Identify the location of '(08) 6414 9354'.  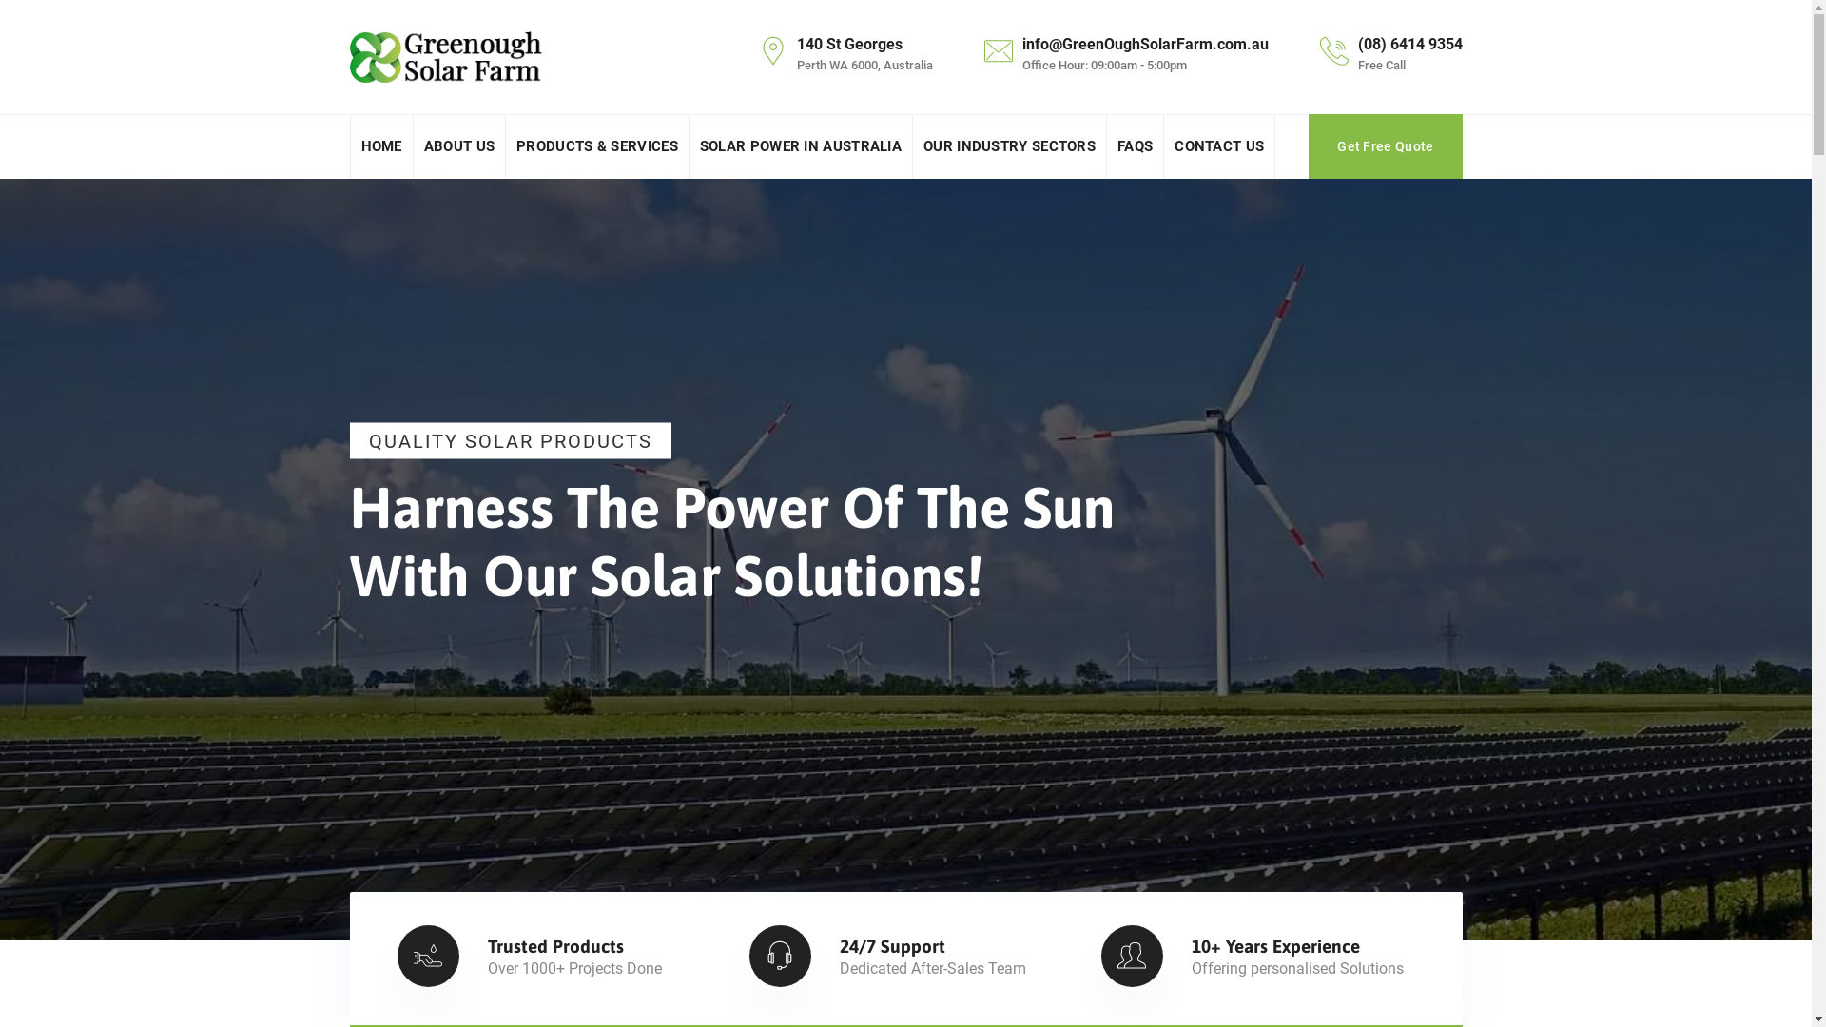
(1410, 43).